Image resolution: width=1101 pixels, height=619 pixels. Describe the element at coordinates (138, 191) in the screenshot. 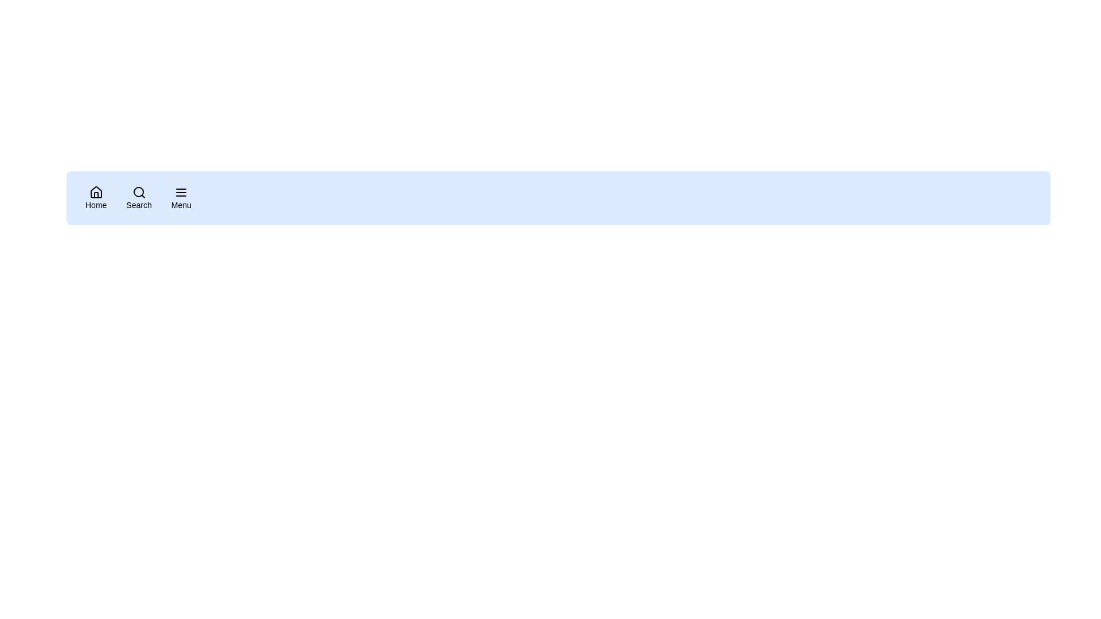

I see `the circular graphic component located at the center of the magnifying glass icon, which is the second navigation button from the left in the horizontal navigation bar` at that location.